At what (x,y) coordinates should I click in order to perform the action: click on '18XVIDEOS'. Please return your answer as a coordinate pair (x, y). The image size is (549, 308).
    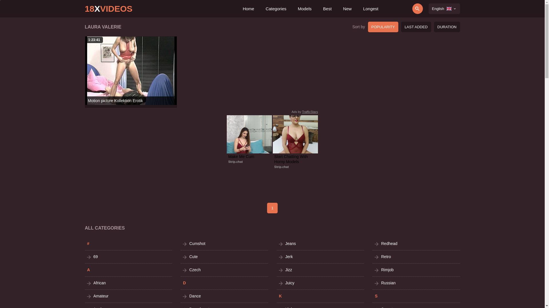
    Looking at the image, I should click on (84, 9).